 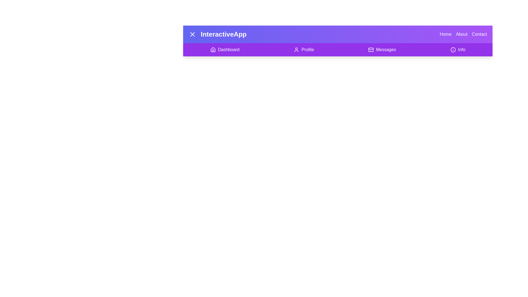 I want to click on the menu item Info in the app bar, so click(x=458, y=50).